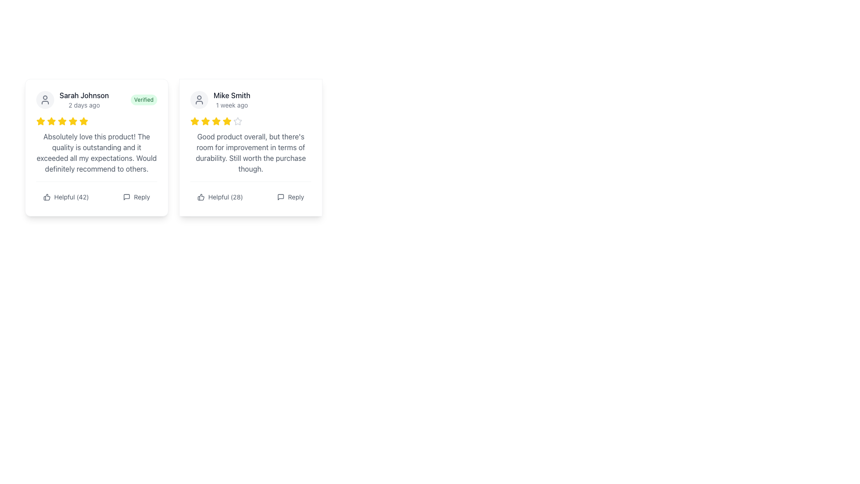  I want to click on the text display element that shows the username 'Mike Smith' and the timestamp '1 week ago', located at the top-left corner of the second review card, so click(232, 100).